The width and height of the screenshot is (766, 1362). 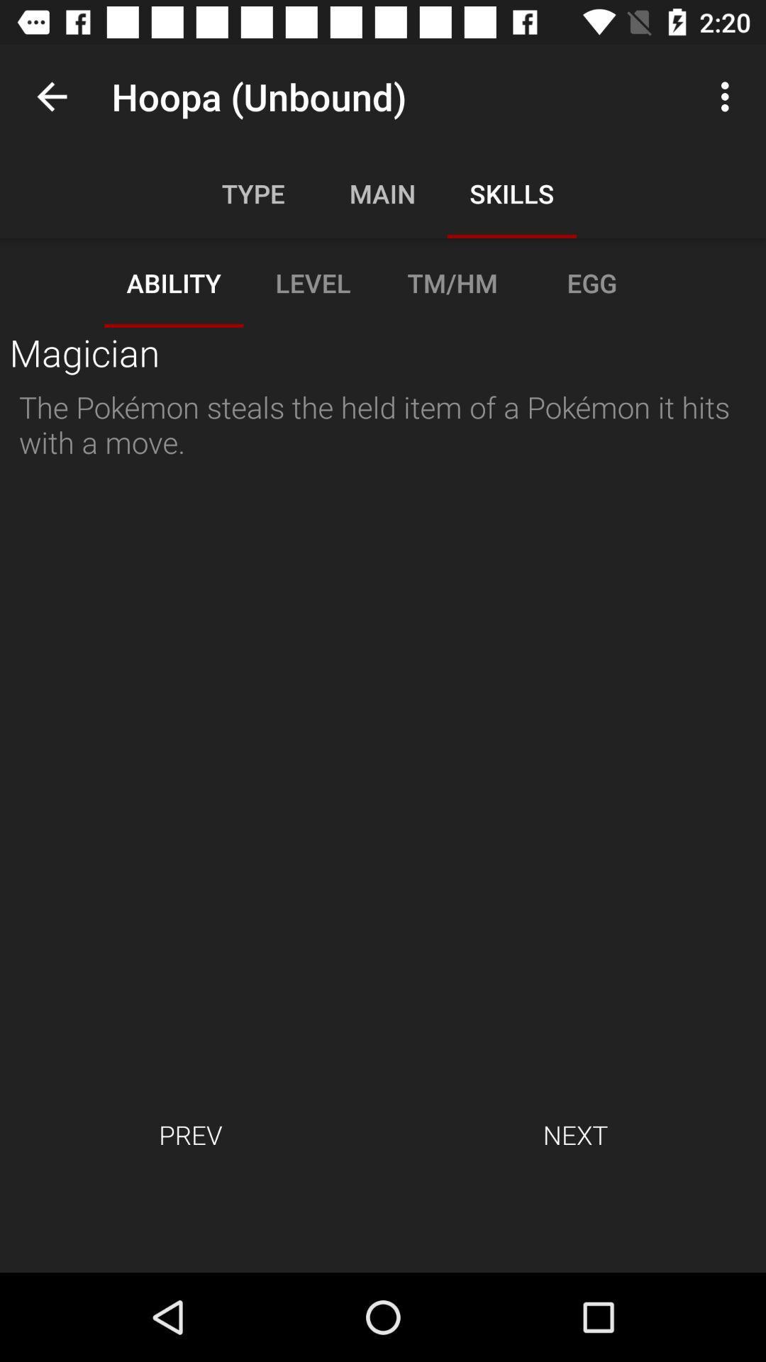 I want to click on icon below the prev item, so click(x=383, y=1225).